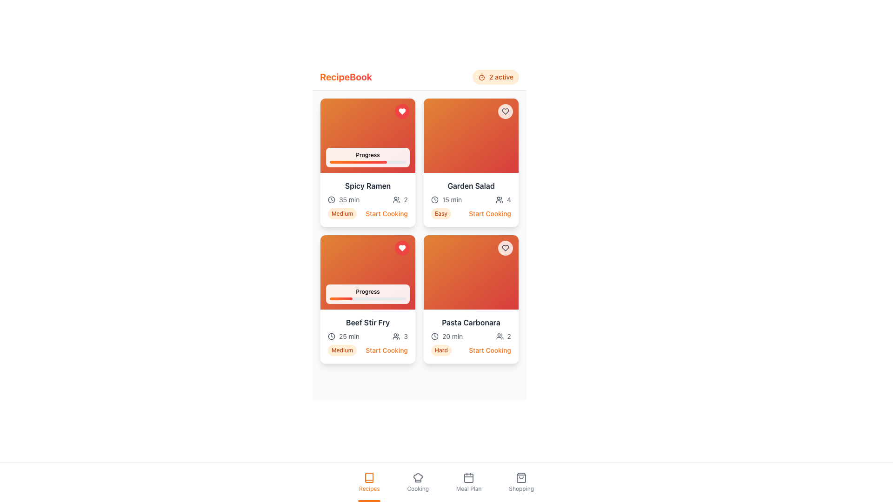 The width and height of the screenshot is (893, 502). What do you see at coordinates (471, 350) in the screenshot?
I see `the 'Start Cooking' button located within the 'Pasta Carbonara' card, which features a badge labeled 'Hard' and is styled with a light orange background and orange text` at bounding box center [471, 350].